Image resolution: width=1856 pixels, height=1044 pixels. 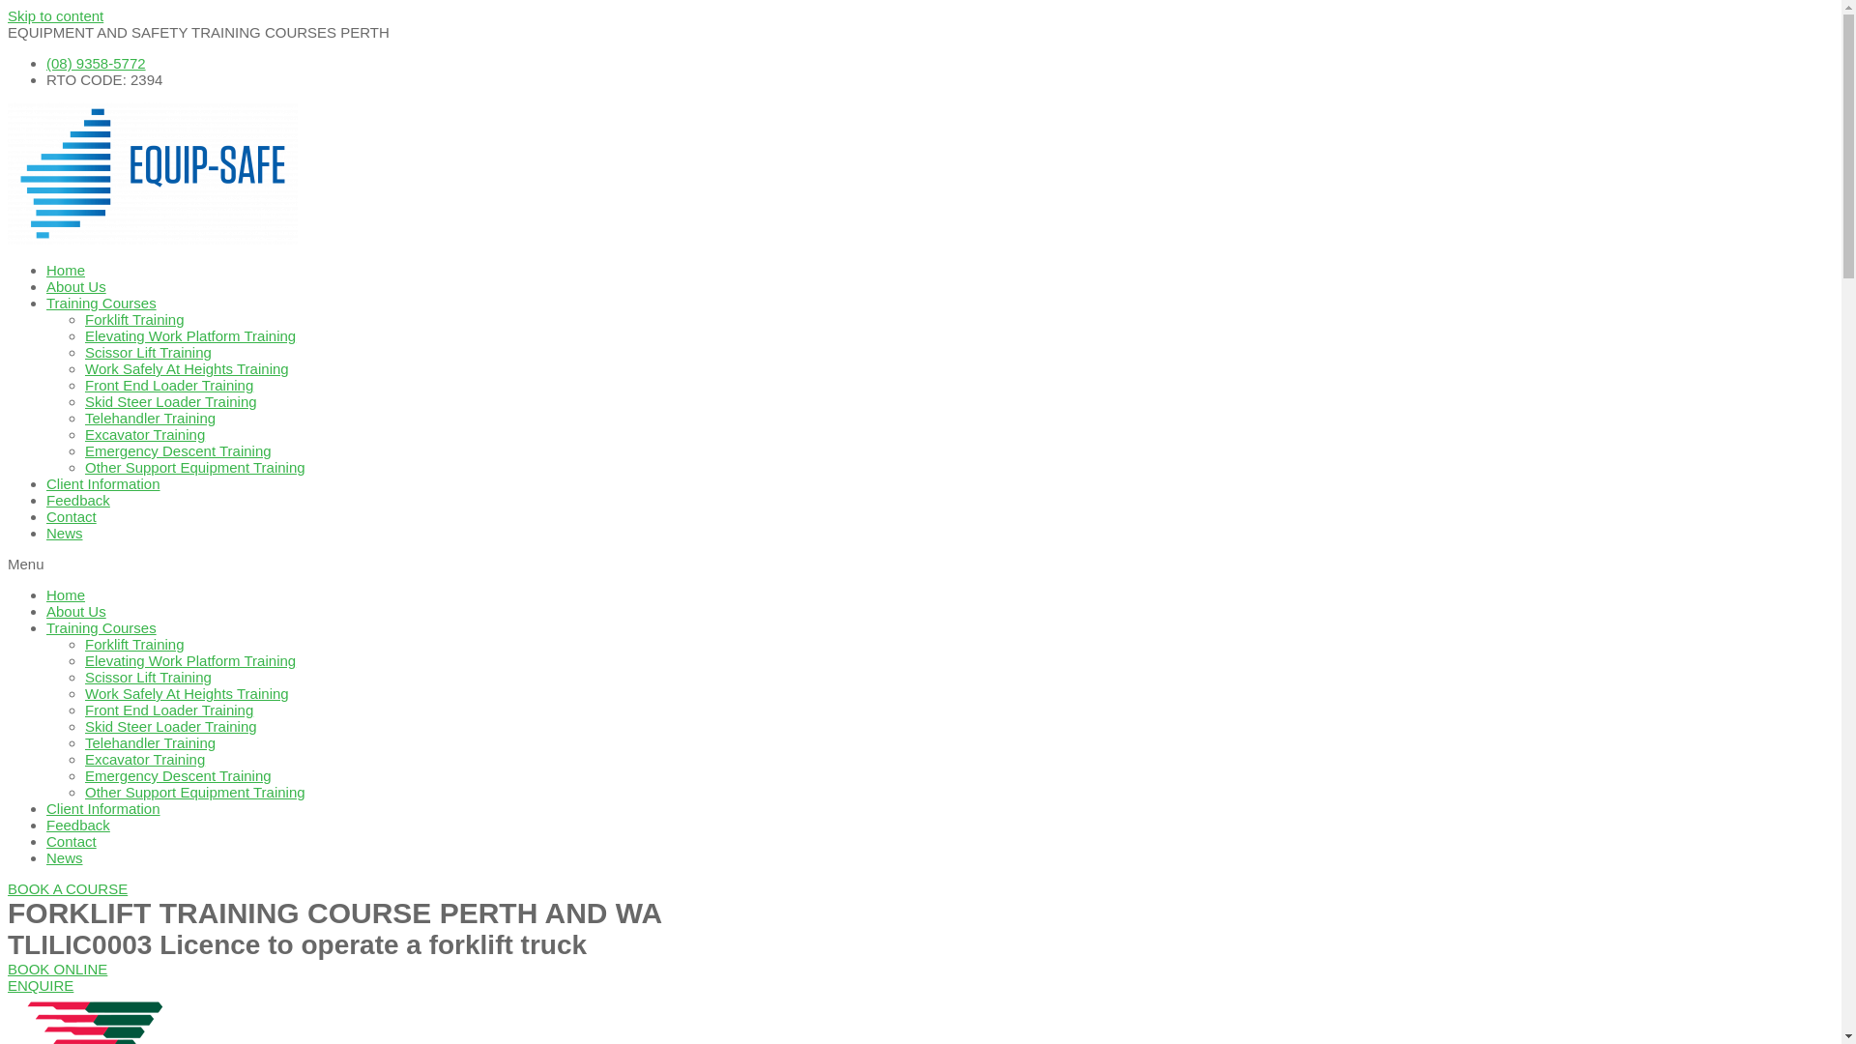 I want to click on 'About Us', so click(x=75, y=611).